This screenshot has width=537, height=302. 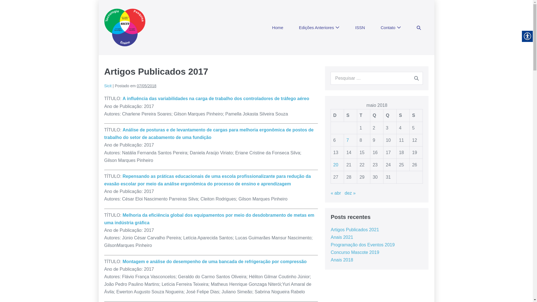 I want to click on 'Contato', so click(x=390, y=28).